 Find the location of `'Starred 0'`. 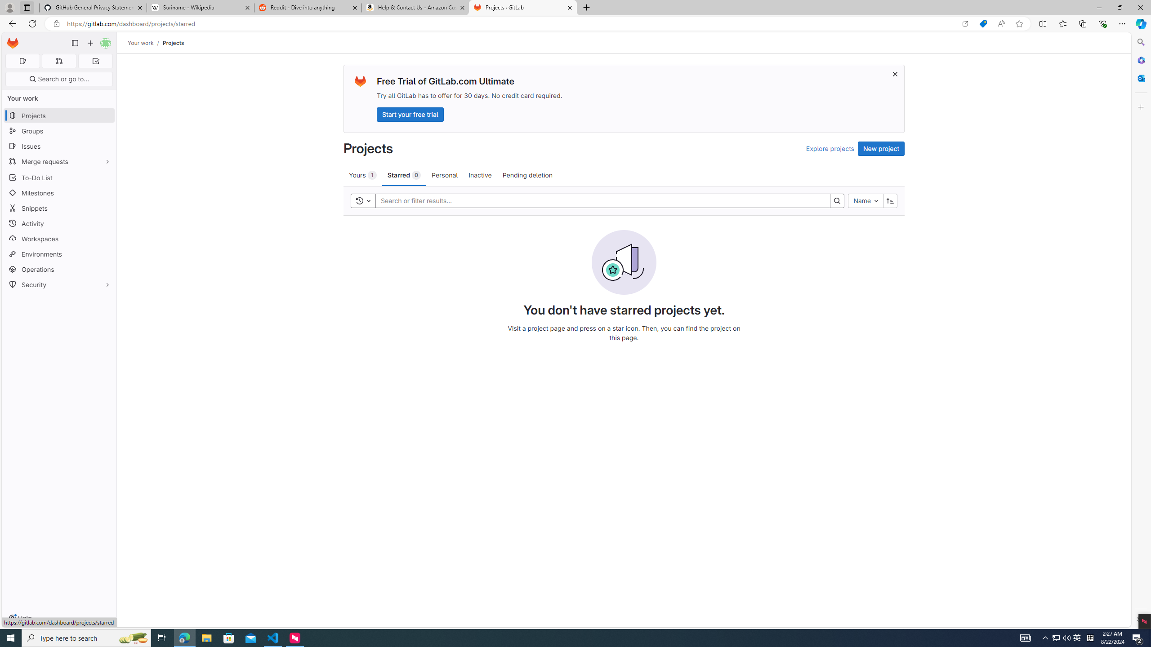

'Starred 0' is located at coordinates (404, 174).